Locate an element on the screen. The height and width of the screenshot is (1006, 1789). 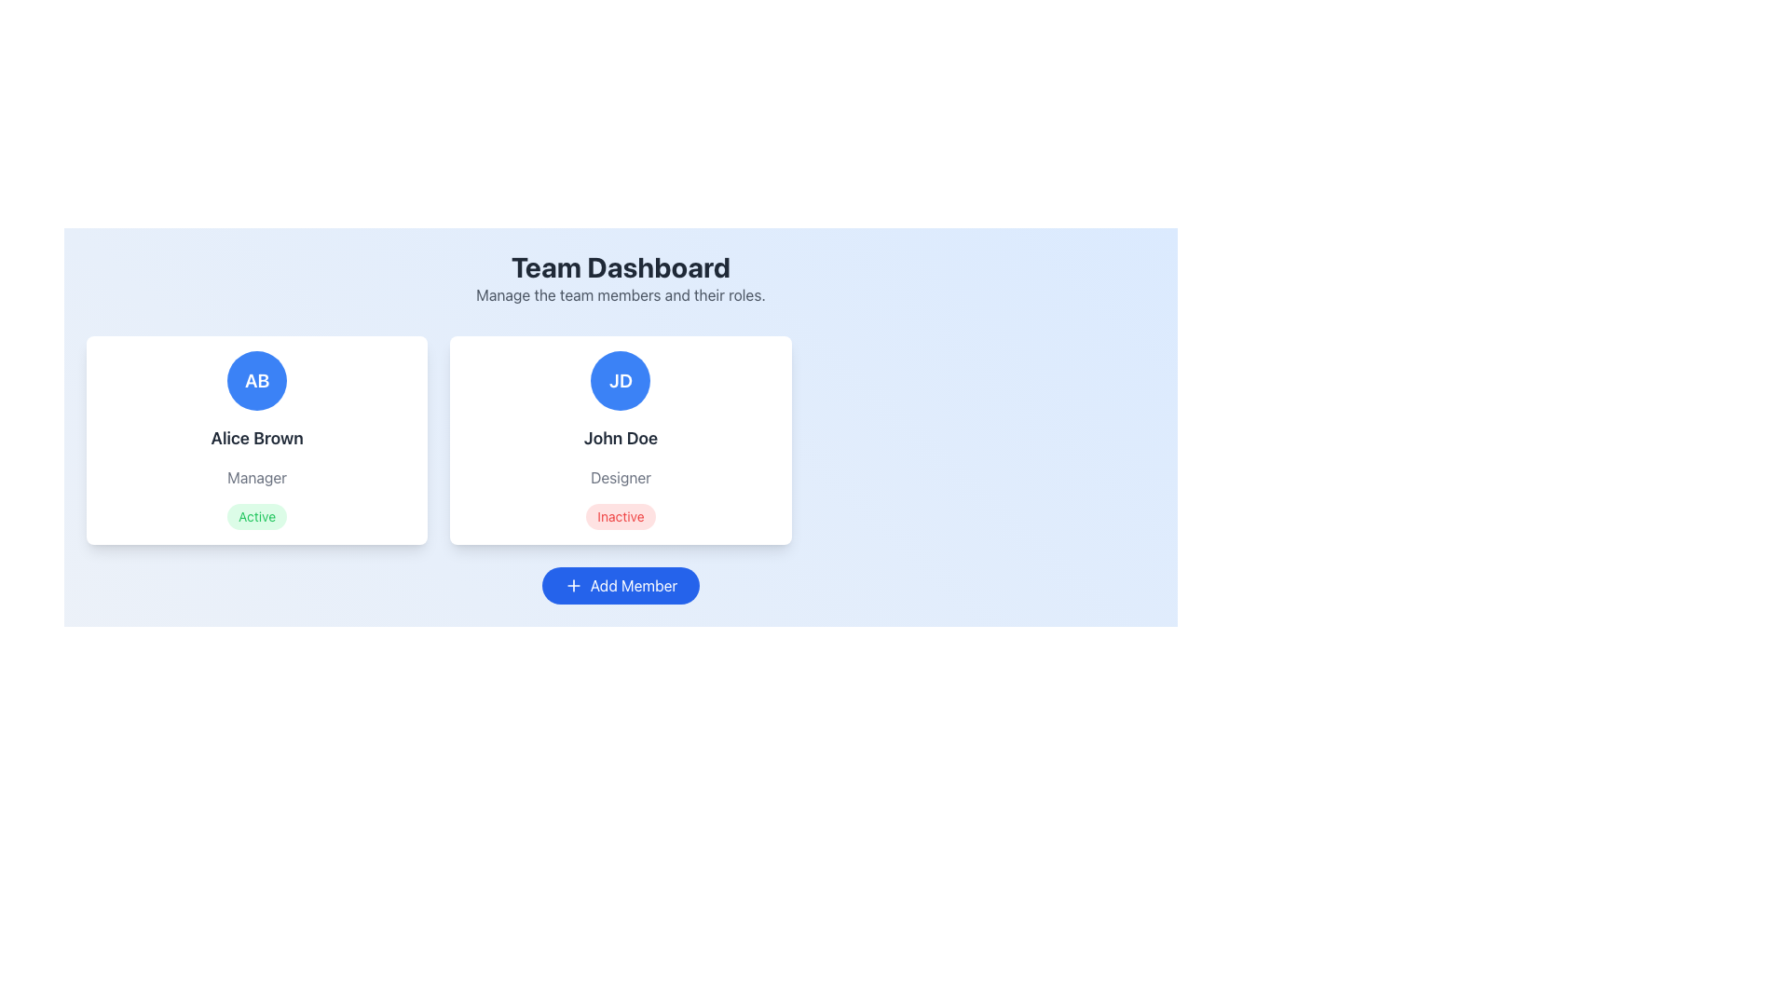
the text label 'Manager' which describes the role of 'Alice Brown' in the card layout is located at coordinates (256, 477).